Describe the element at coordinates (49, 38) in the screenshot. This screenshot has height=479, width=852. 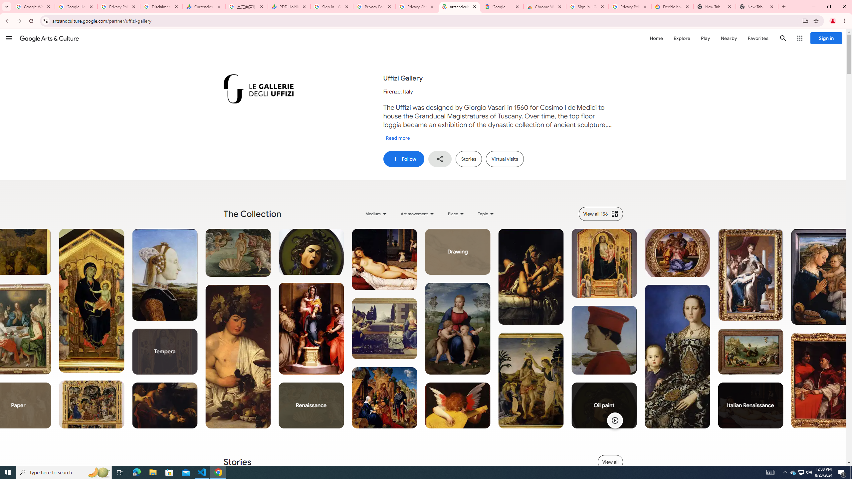
I see `'Google Arts & Culture'` at that location.